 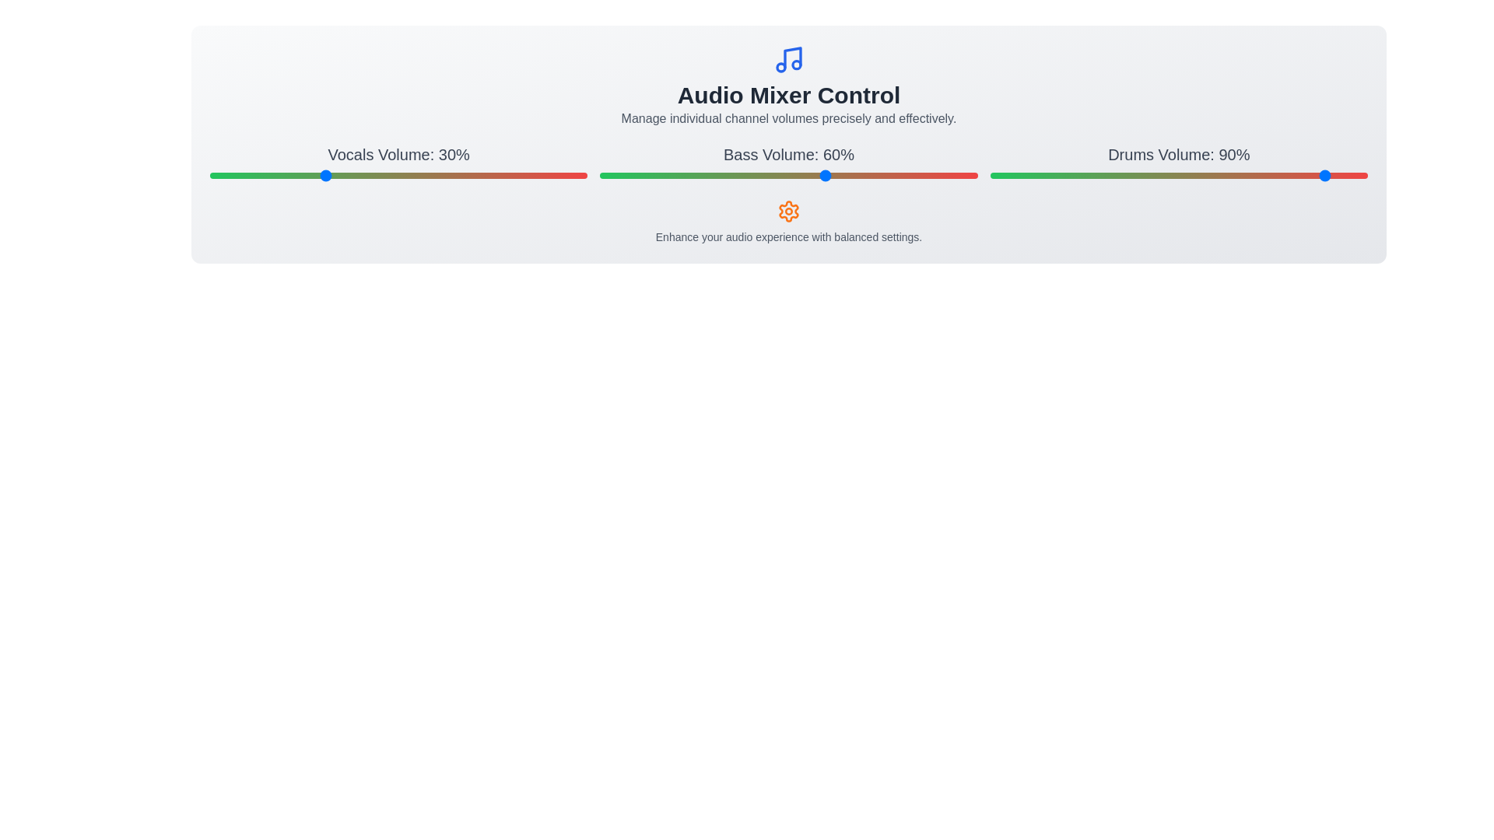 I want to click on the 'Vocals' volume slider to 95%, so click(x=567, y=175).